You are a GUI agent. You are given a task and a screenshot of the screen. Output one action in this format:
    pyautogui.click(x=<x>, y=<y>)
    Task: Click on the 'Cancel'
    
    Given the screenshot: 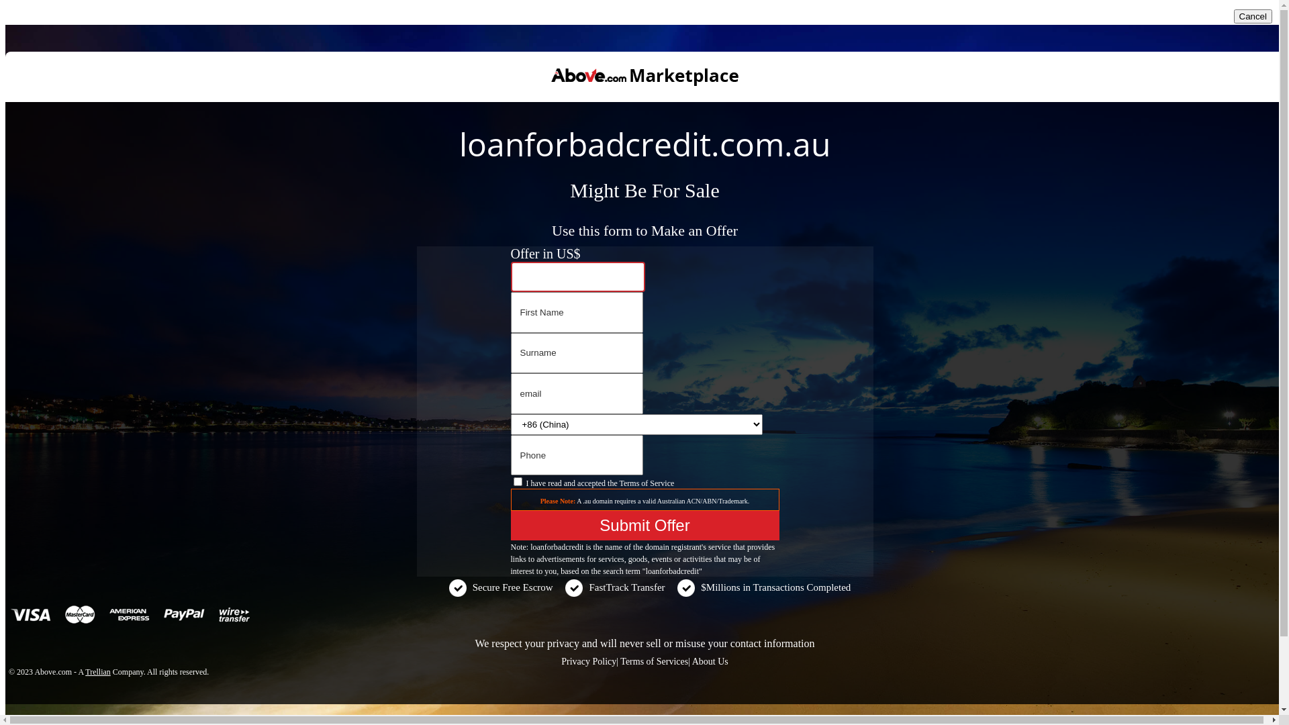 What is the action you would take?
    pyautogui.click(x=1253, y=16)
    